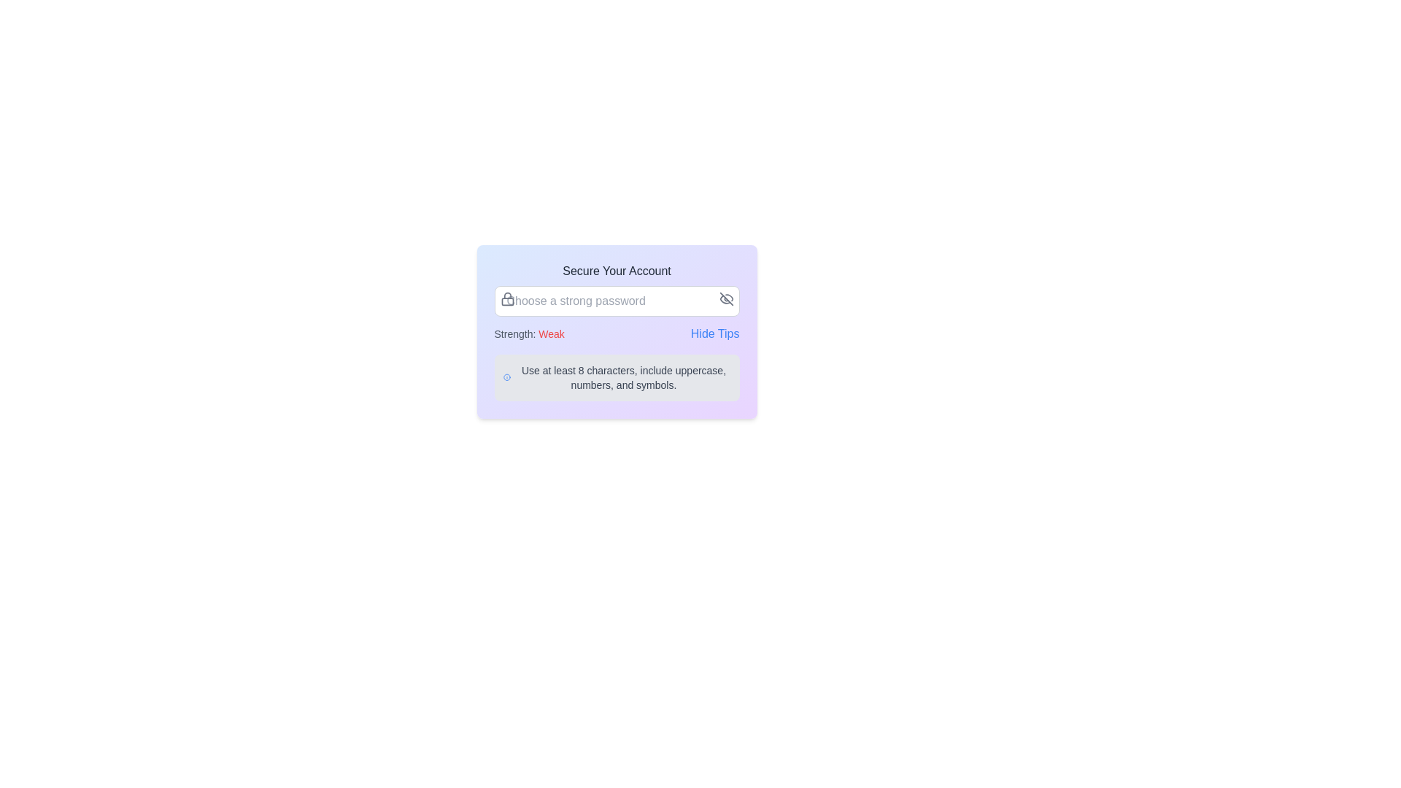 The image size is (1401, 788). What do you see at coordinates (507, 376) in the screenshot?
I see `the circular blue-stroked icon located on the left-hand side of the tooltip near the password instruction section` at bounding box center [507, 376].